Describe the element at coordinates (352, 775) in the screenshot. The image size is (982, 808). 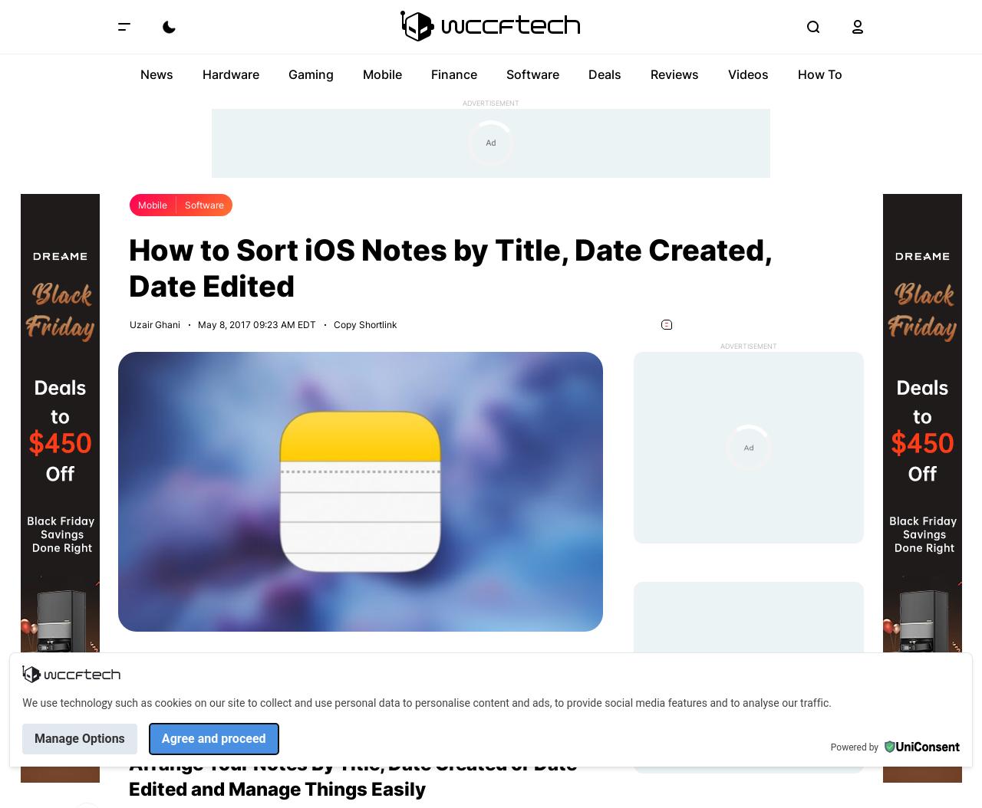
I see `'Arrange Your Notes By Title, Date Created or Date Edited and Manage Things Easily'` at that location.